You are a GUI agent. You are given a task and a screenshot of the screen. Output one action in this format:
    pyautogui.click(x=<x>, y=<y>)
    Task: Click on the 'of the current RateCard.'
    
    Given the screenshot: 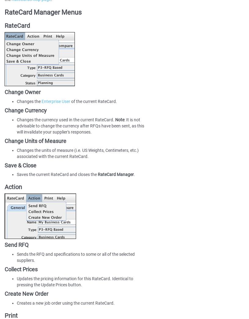 What is the action you would take?
    pyautogui.click(x=70, y=101)
    